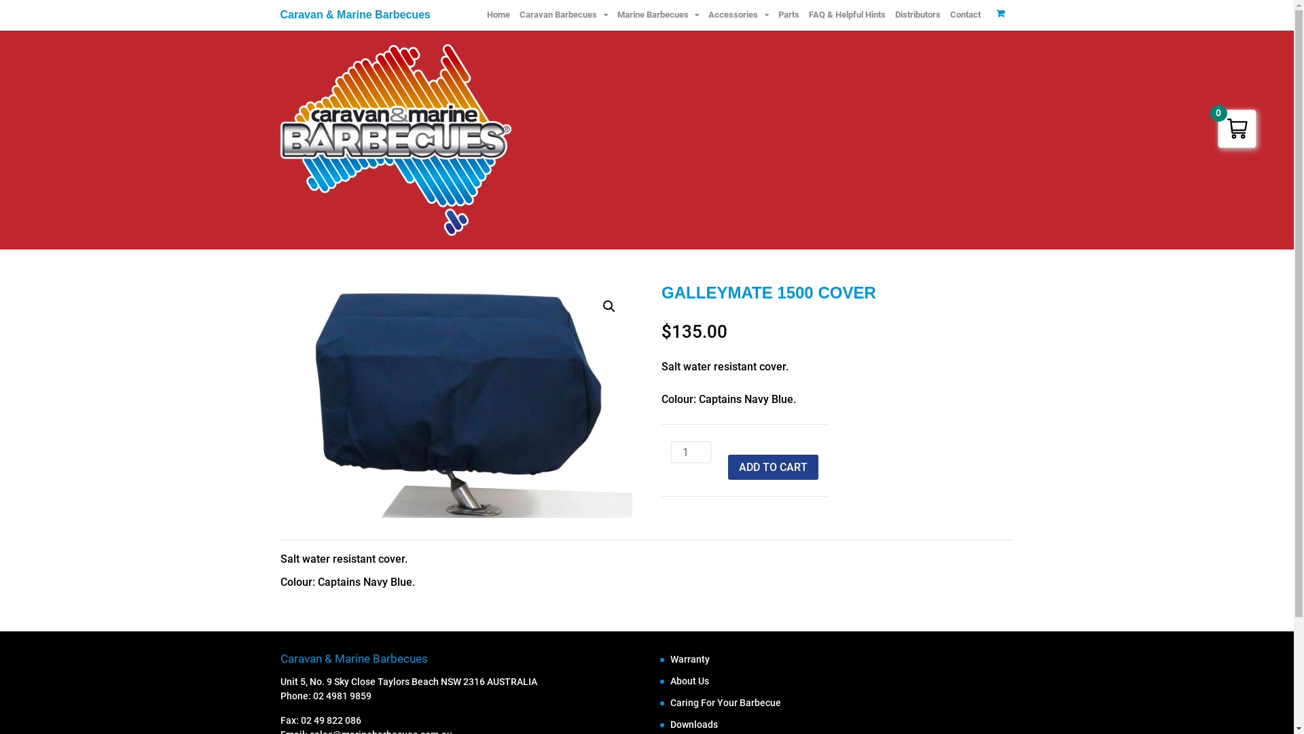 This screenshot has width=1304, height=734. Describe the element at coordinates (670, 658) in the screenshot. I see `'Warranty'` at that location.